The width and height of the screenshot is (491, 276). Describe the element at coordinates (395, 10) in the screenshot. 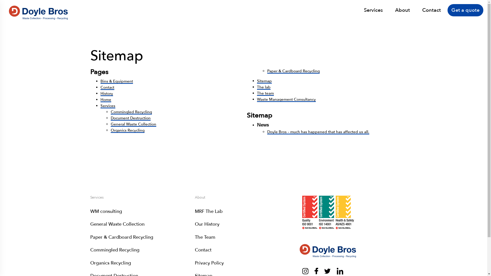

I see `'About'` at that location.